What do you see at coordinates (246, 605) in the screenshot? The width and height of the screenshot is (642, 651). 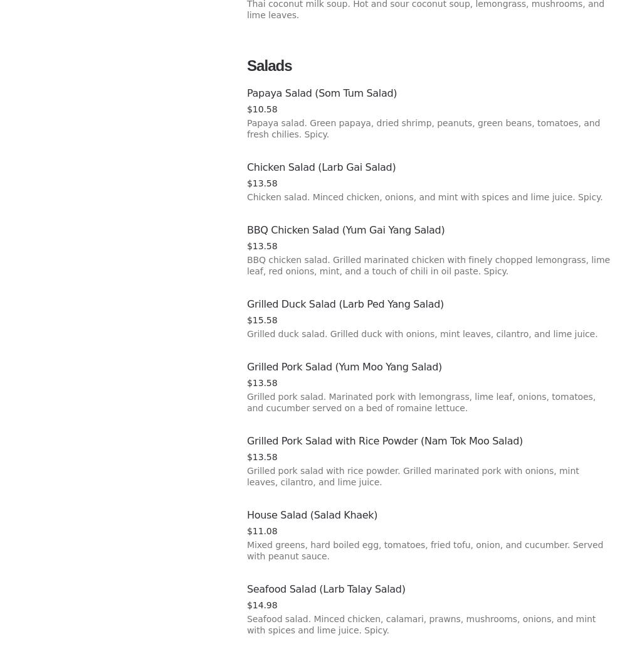 I see `'$14.98'` at bounding box center [246, 605].